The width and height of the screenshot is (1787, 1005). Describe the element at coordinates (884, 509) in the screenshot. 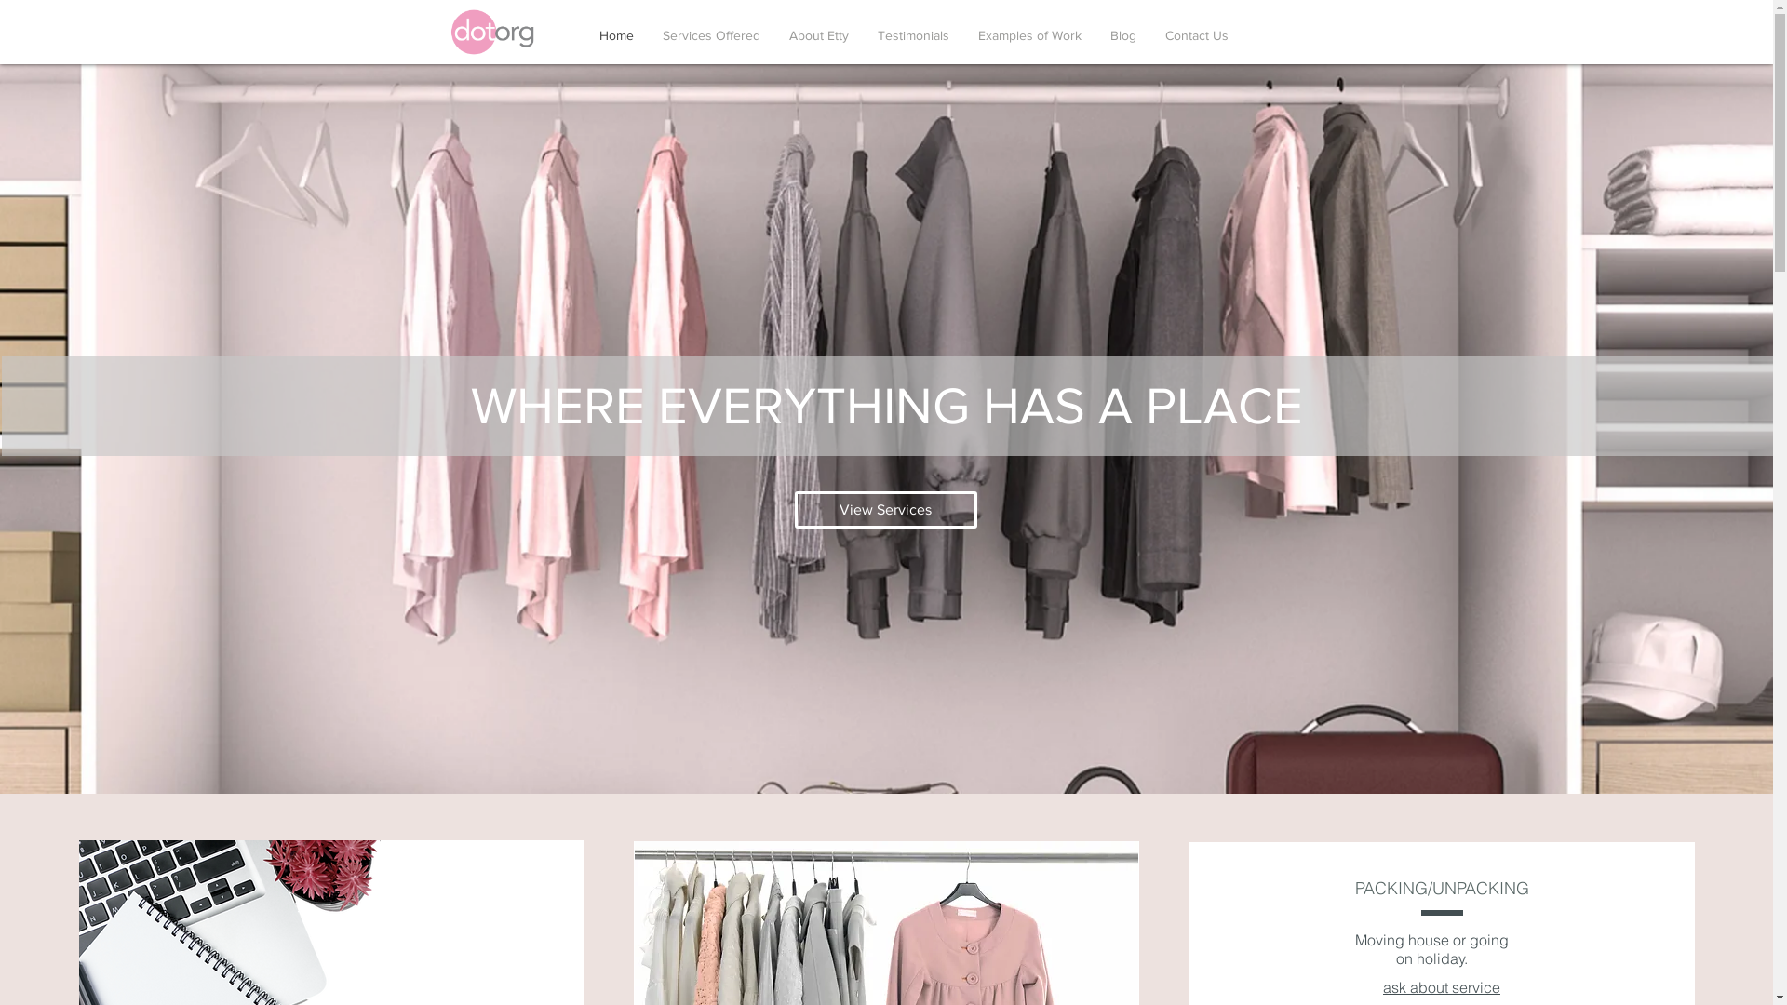

I see `'View Services'` at that location.